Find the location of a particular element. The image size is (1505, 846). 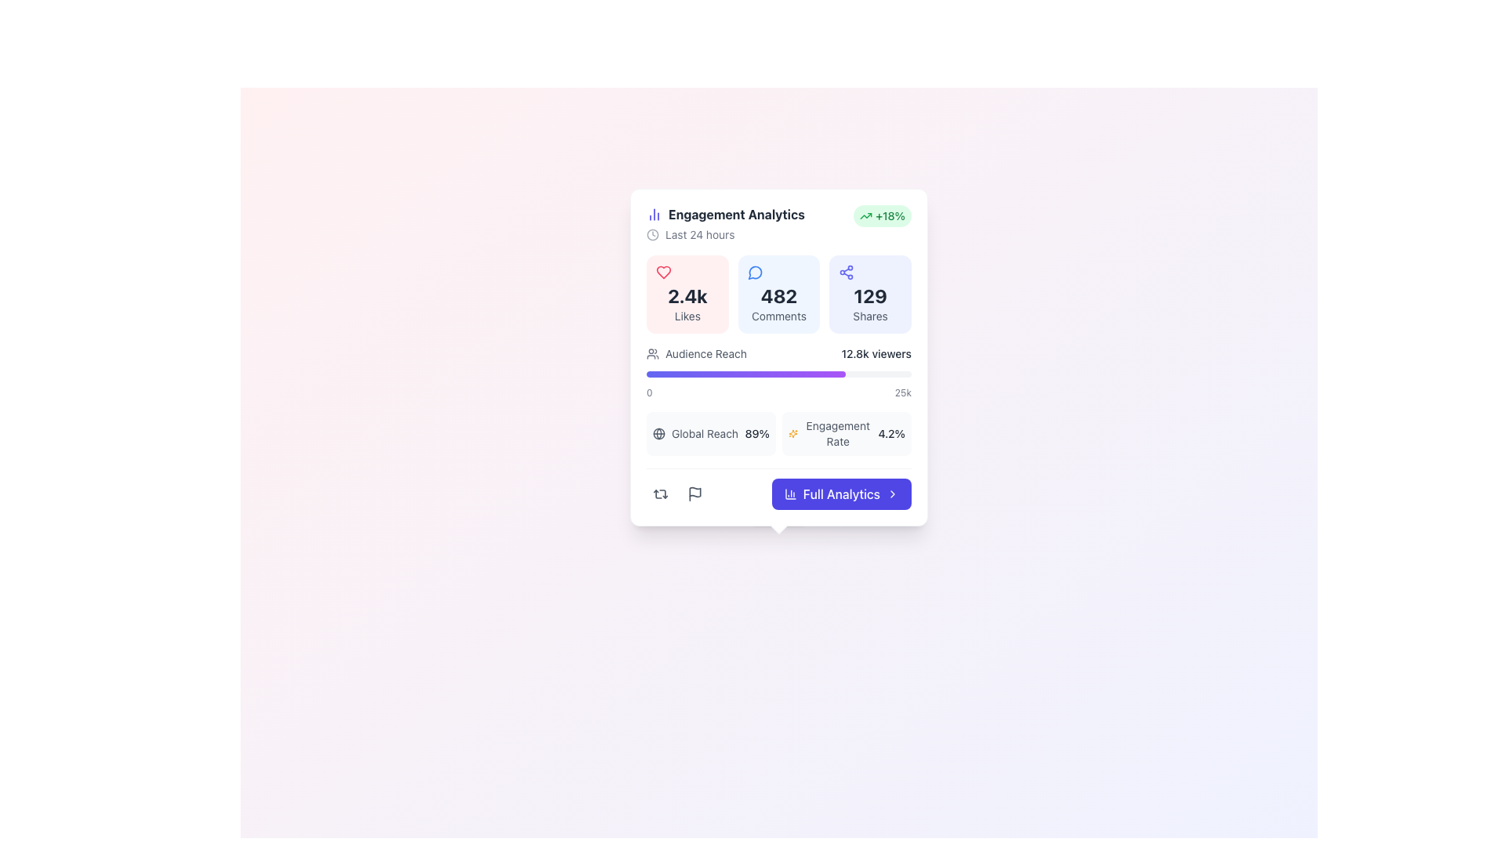

the Text label that describes a specific metric, located to the right of the group of people icon in the bottom portion of the analytics widget is located at coordinates (705, 353).